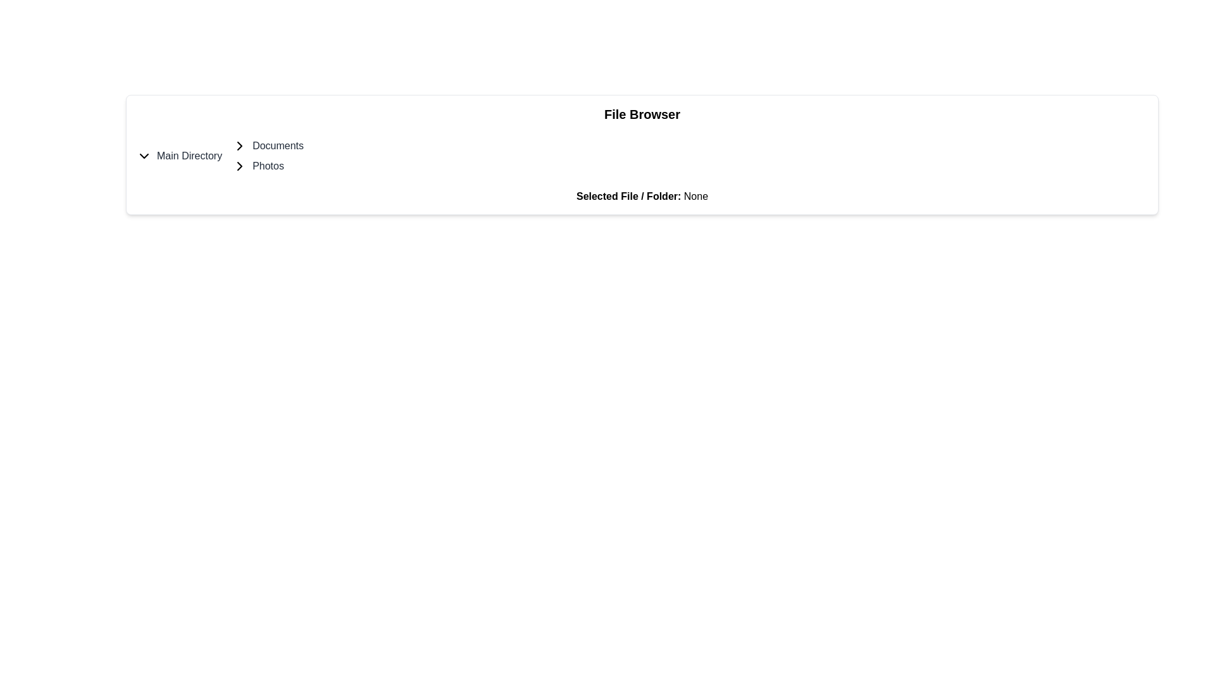  I want to click on the 'Documents' button or menu item label, so click(267, 145).